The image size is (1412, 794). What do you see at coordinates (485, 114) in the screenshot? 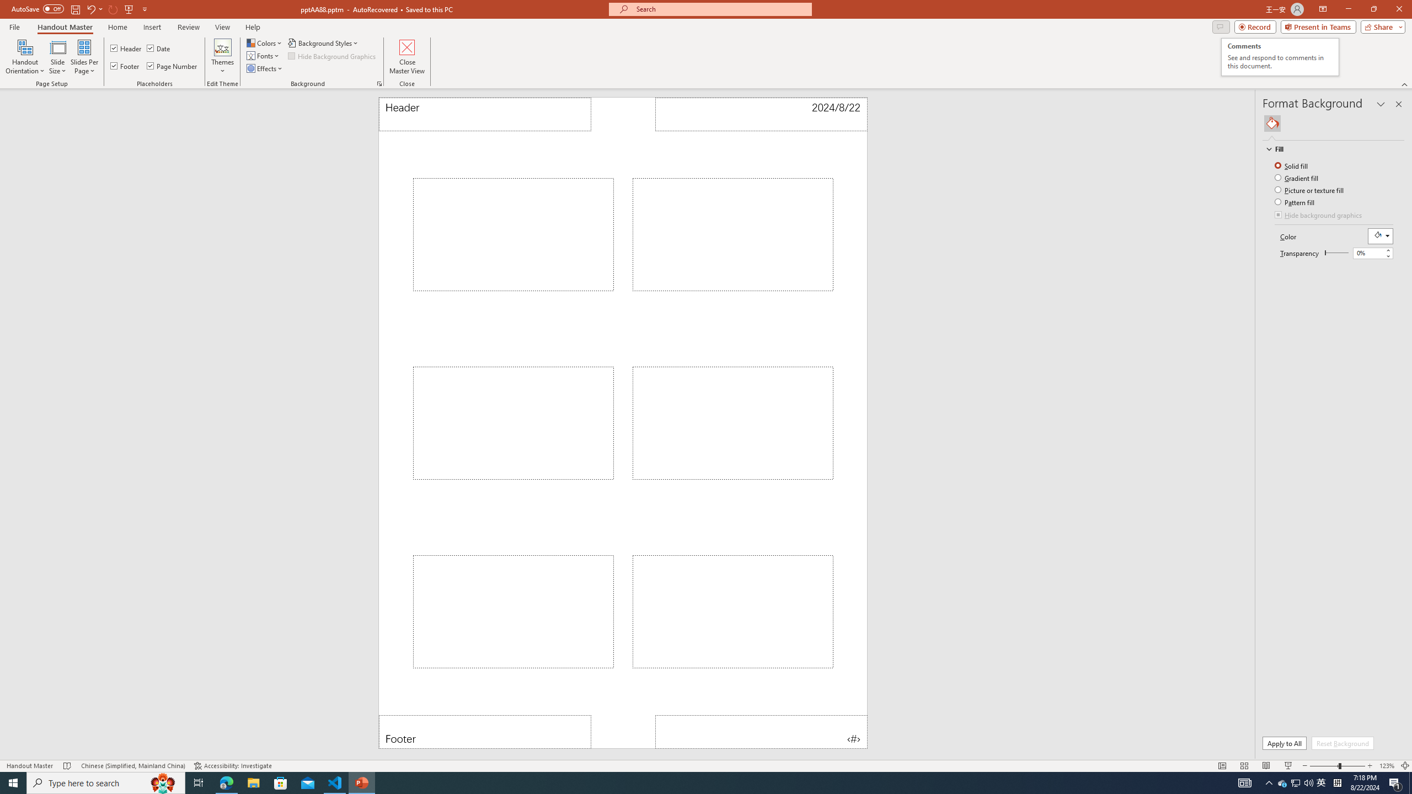
I see `'Header'` at bounding box center [485, 114].